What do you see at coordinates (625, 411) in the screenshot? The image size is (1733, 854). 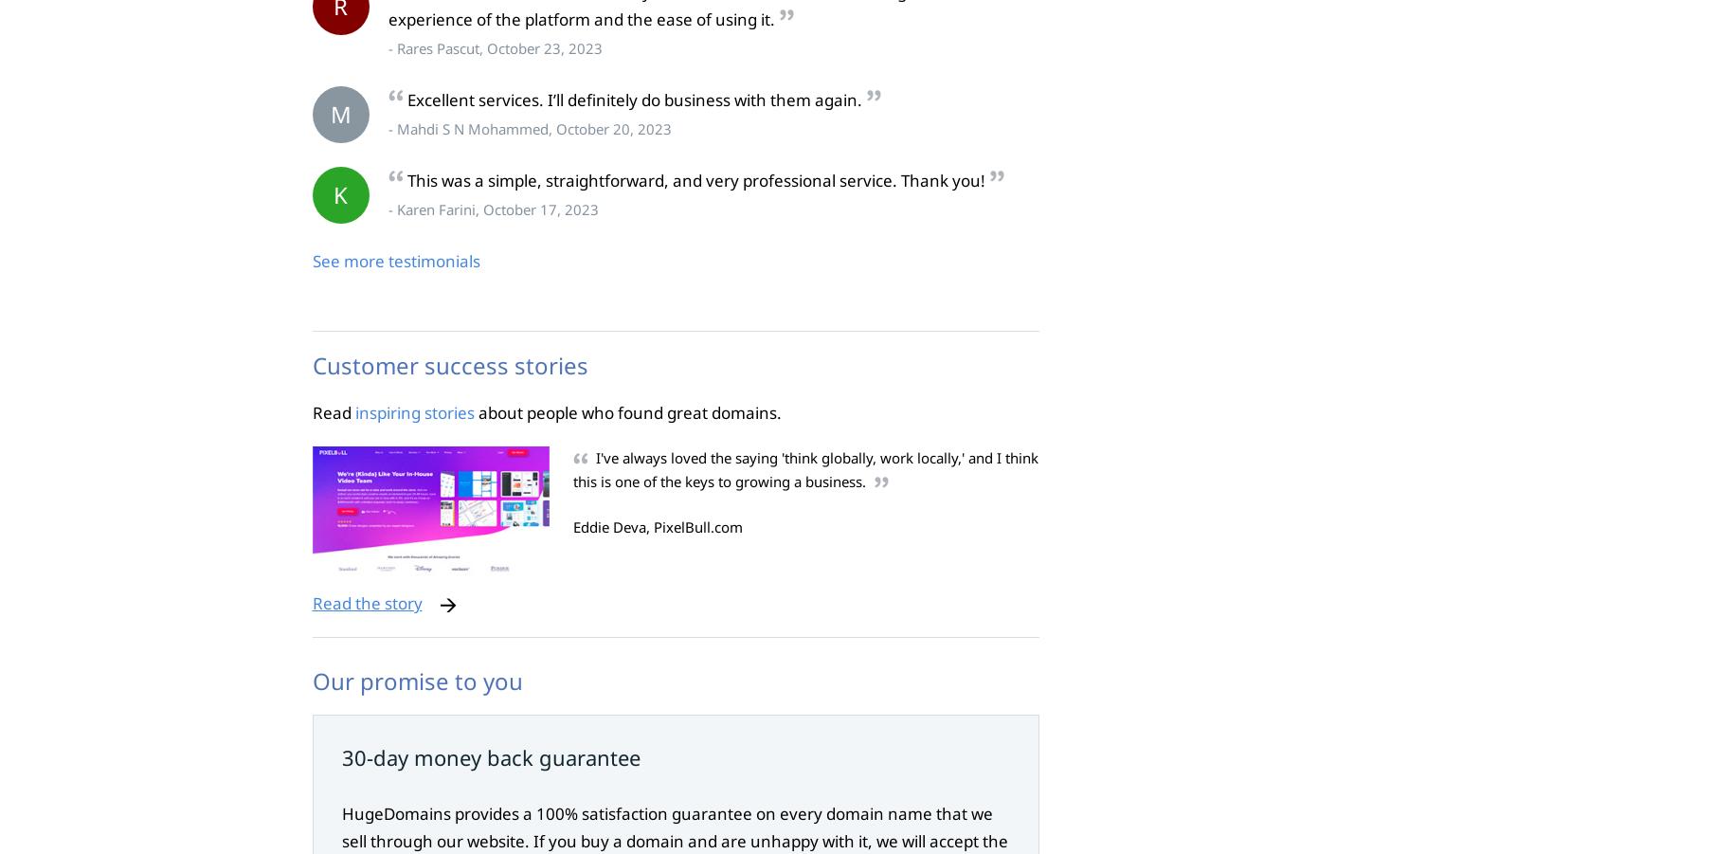 I see `'about people who found great domains.'` at bounding box center [625, 411].